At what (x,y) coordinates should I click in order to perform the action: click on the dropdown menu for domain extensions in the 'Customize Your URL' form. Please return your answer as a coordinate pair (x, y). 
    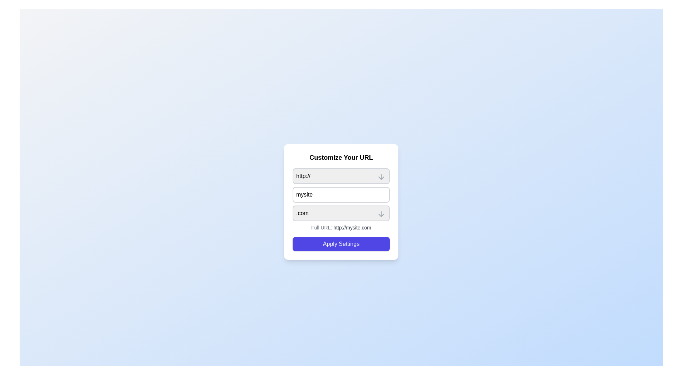
    Looking at the image, I should click on (341, 213).